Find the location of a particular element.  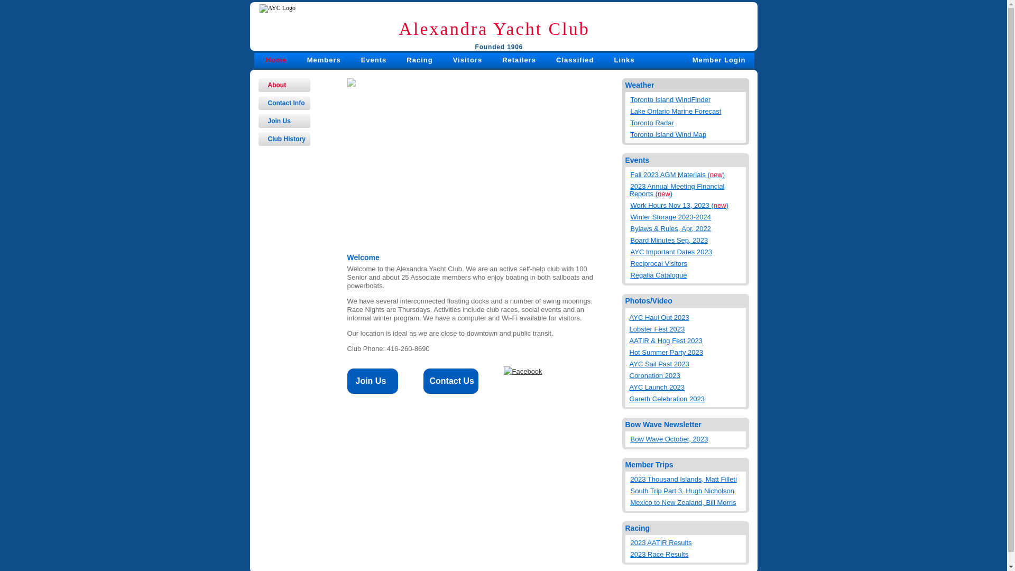

'Mexico to New Zealand, Bill Morris' is located at coordinates (687, 500).